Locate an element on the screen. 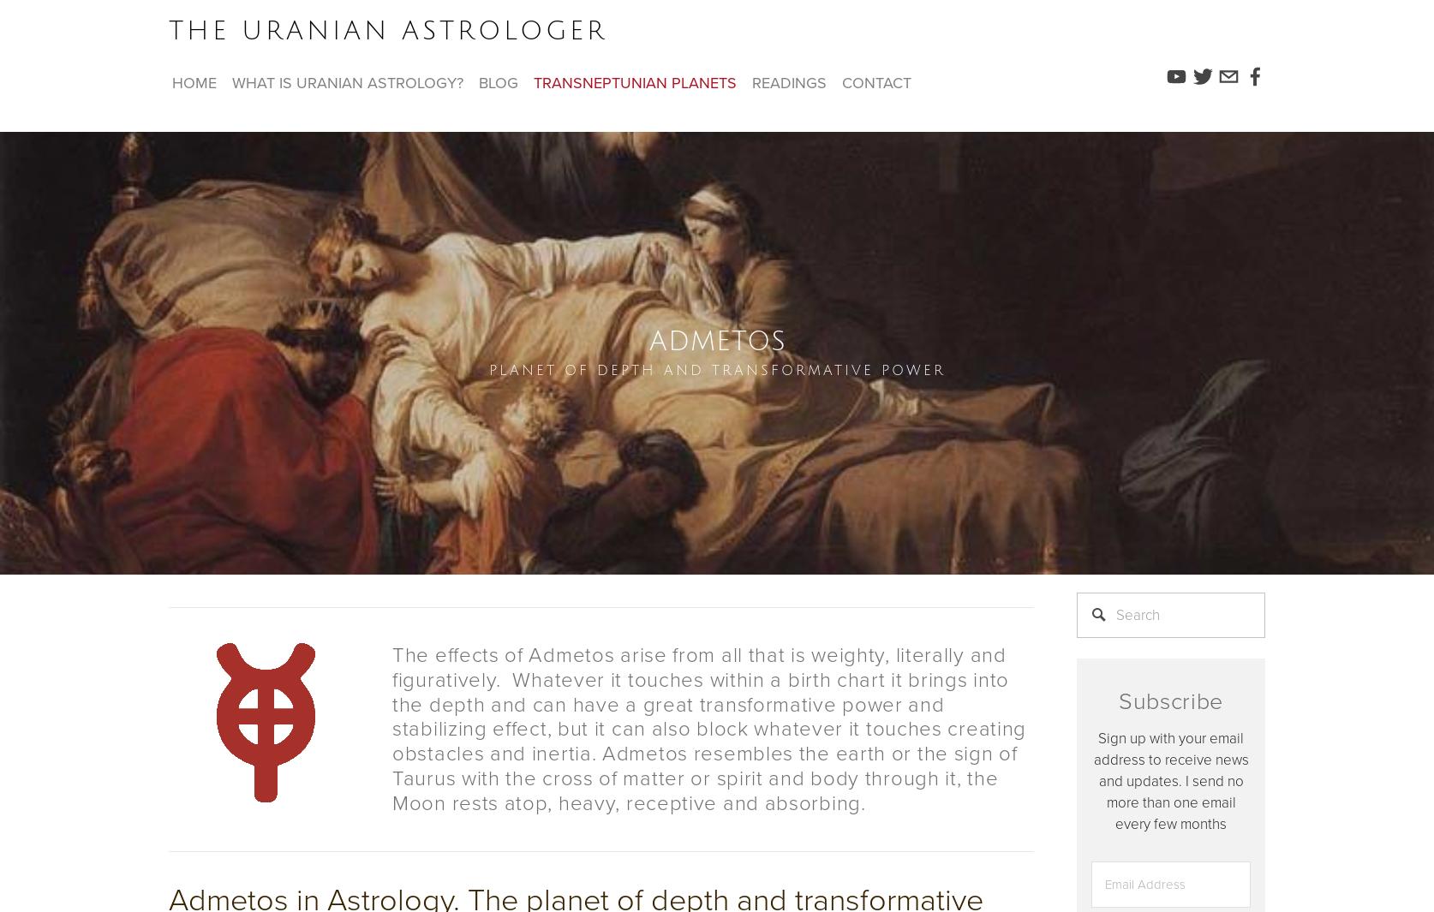 This screenshot has height=912, width=1434. 'Subscribe' is located at coordinates (1169, 700).